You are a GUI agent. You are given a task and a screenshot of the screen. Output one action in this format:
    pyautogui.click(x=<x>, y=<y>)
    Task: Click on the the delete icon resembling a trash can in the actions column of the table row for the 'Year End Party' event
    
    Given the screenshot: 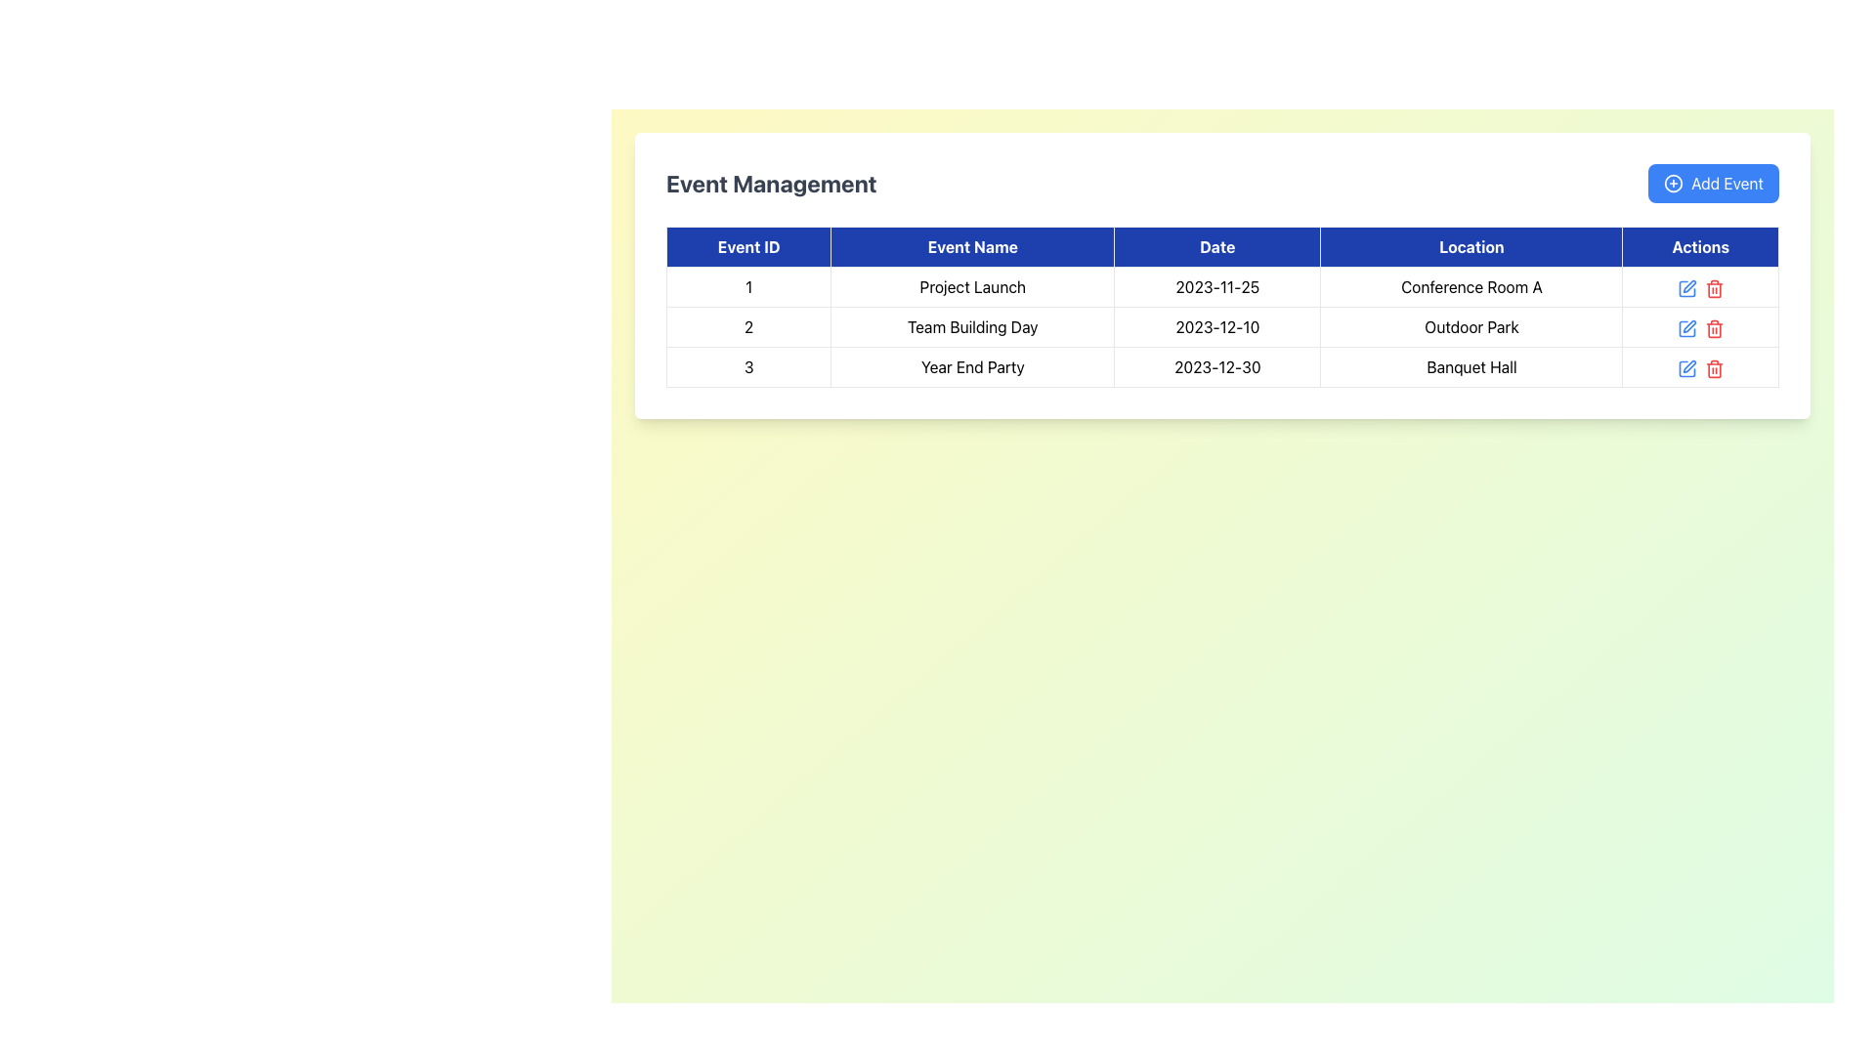 What is the action you would take?
    pyautogui.click(x=1712, y=329)
    